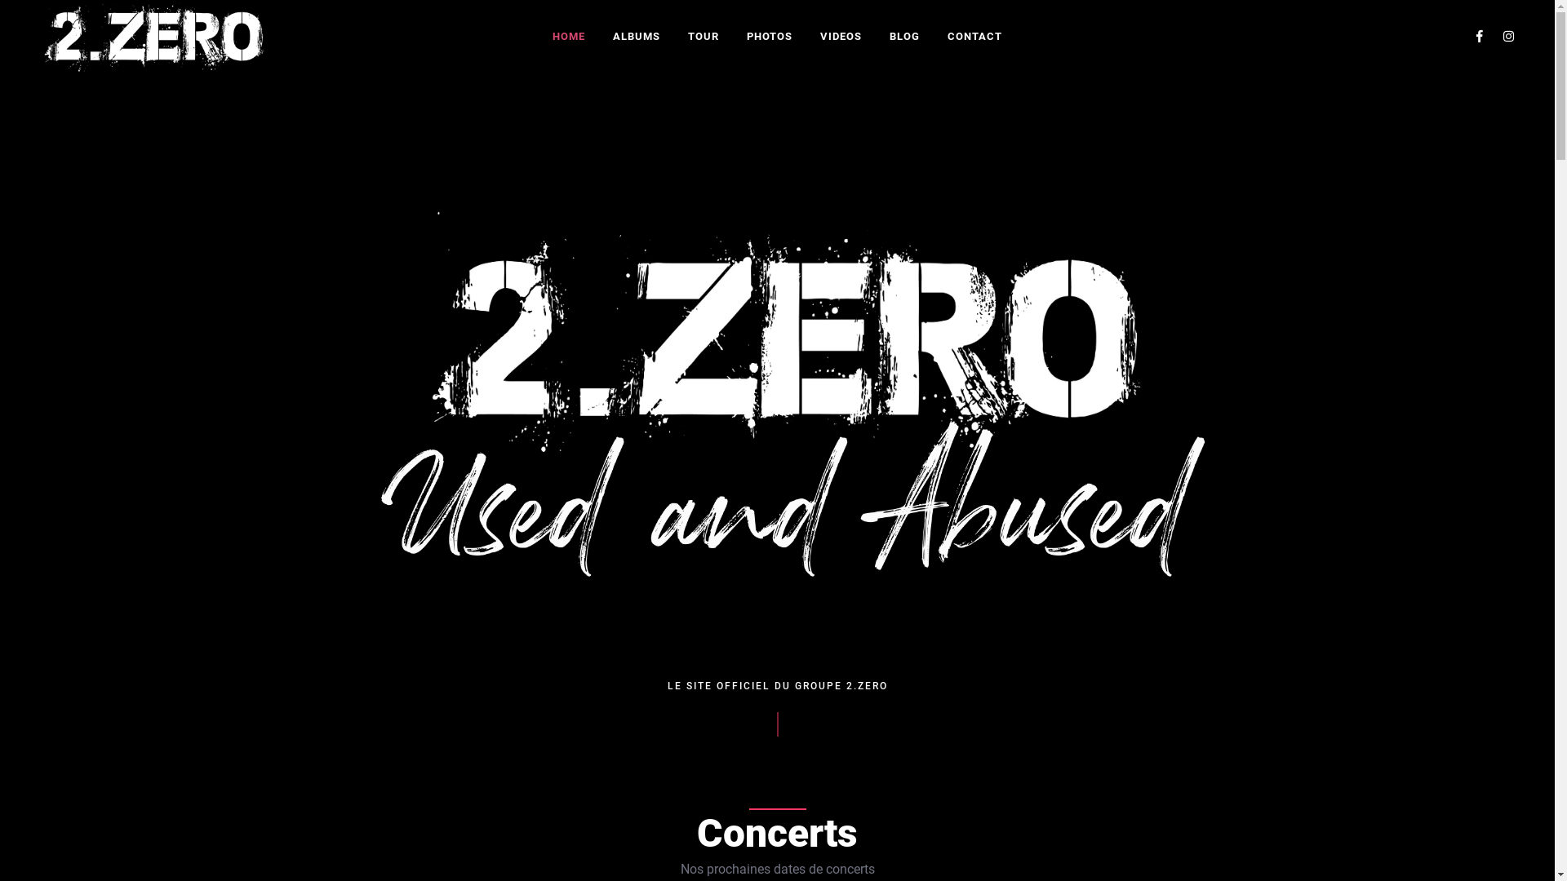 The width and height of the screenshot is (1567, 881). Describe the element at coordinates (974, 36) in the screenshot. I see `'CONTACT'` at that location.